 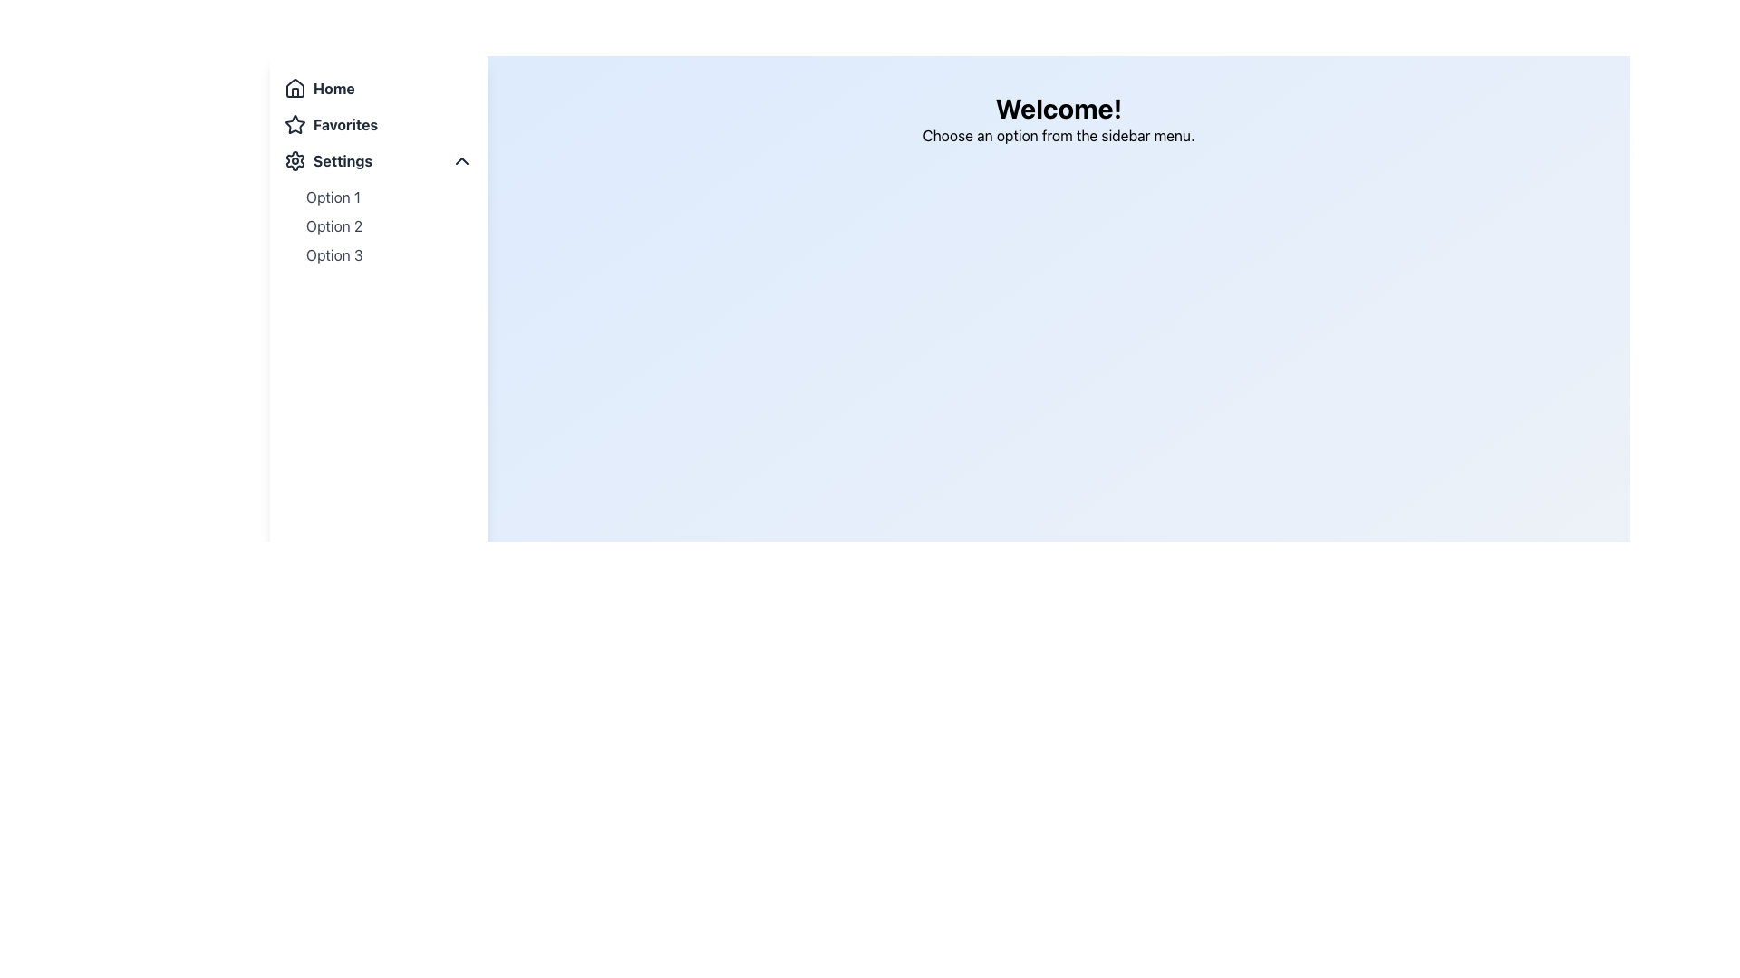 I want to click on the text button labeled 'Option 3' in dark gray, so click(x=334, y=254).